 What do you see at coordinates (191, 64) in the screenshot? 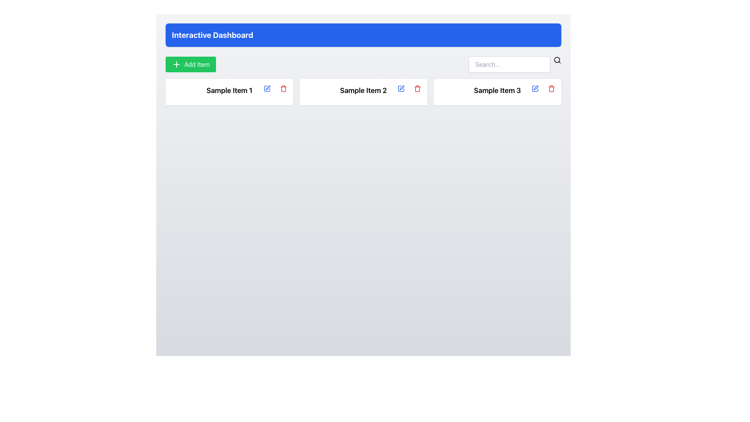
I see `the bright green 'Add Item' button with a white '+' icon and text` at bounding box center [191, 64].